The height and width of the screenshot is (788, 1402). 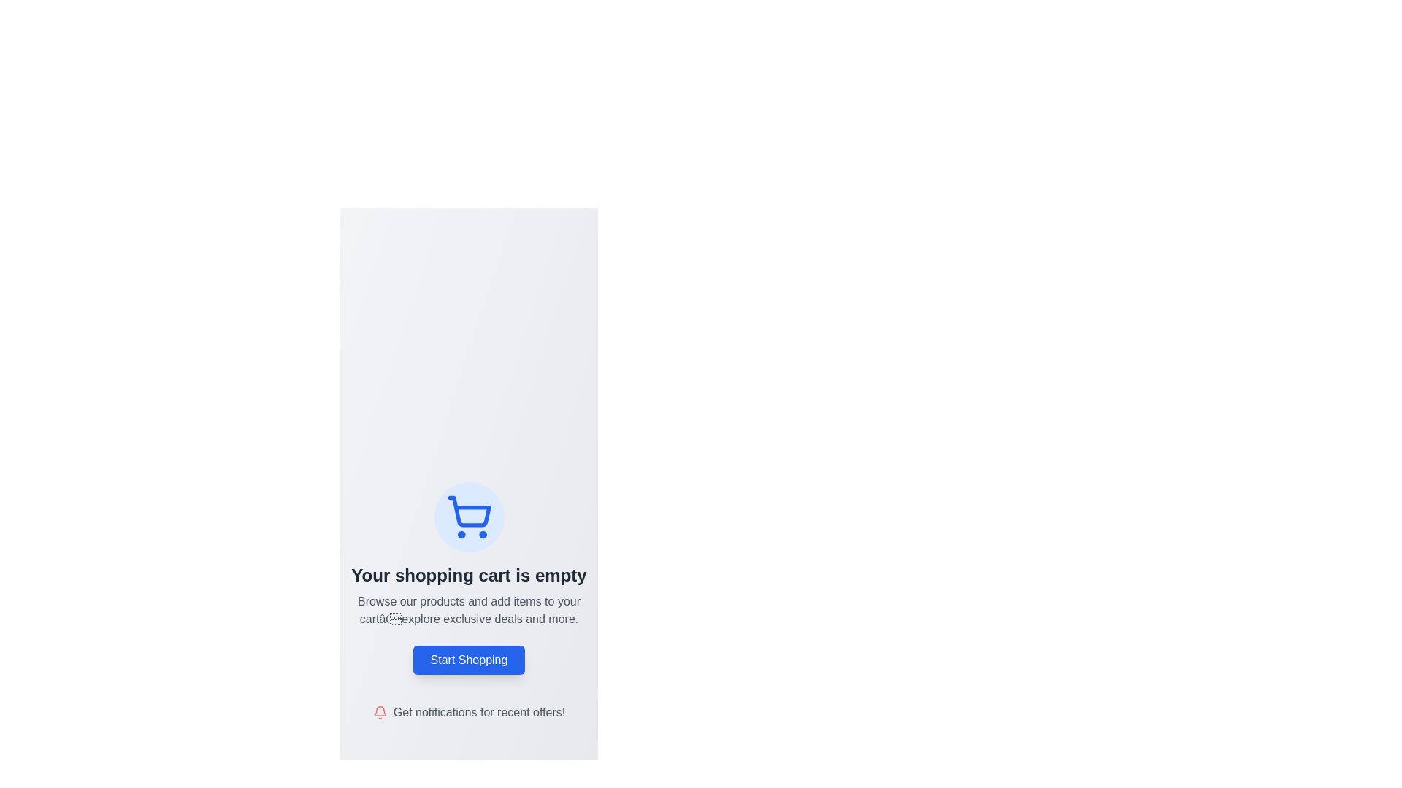 I want to click on the descriptive text that reads 'Browse our products and add items to your cart—explore exclusive deals and more.' located centrally on the shopping cart page, between the header and the 'Start Shopping' button, so click(x=469, y=611).